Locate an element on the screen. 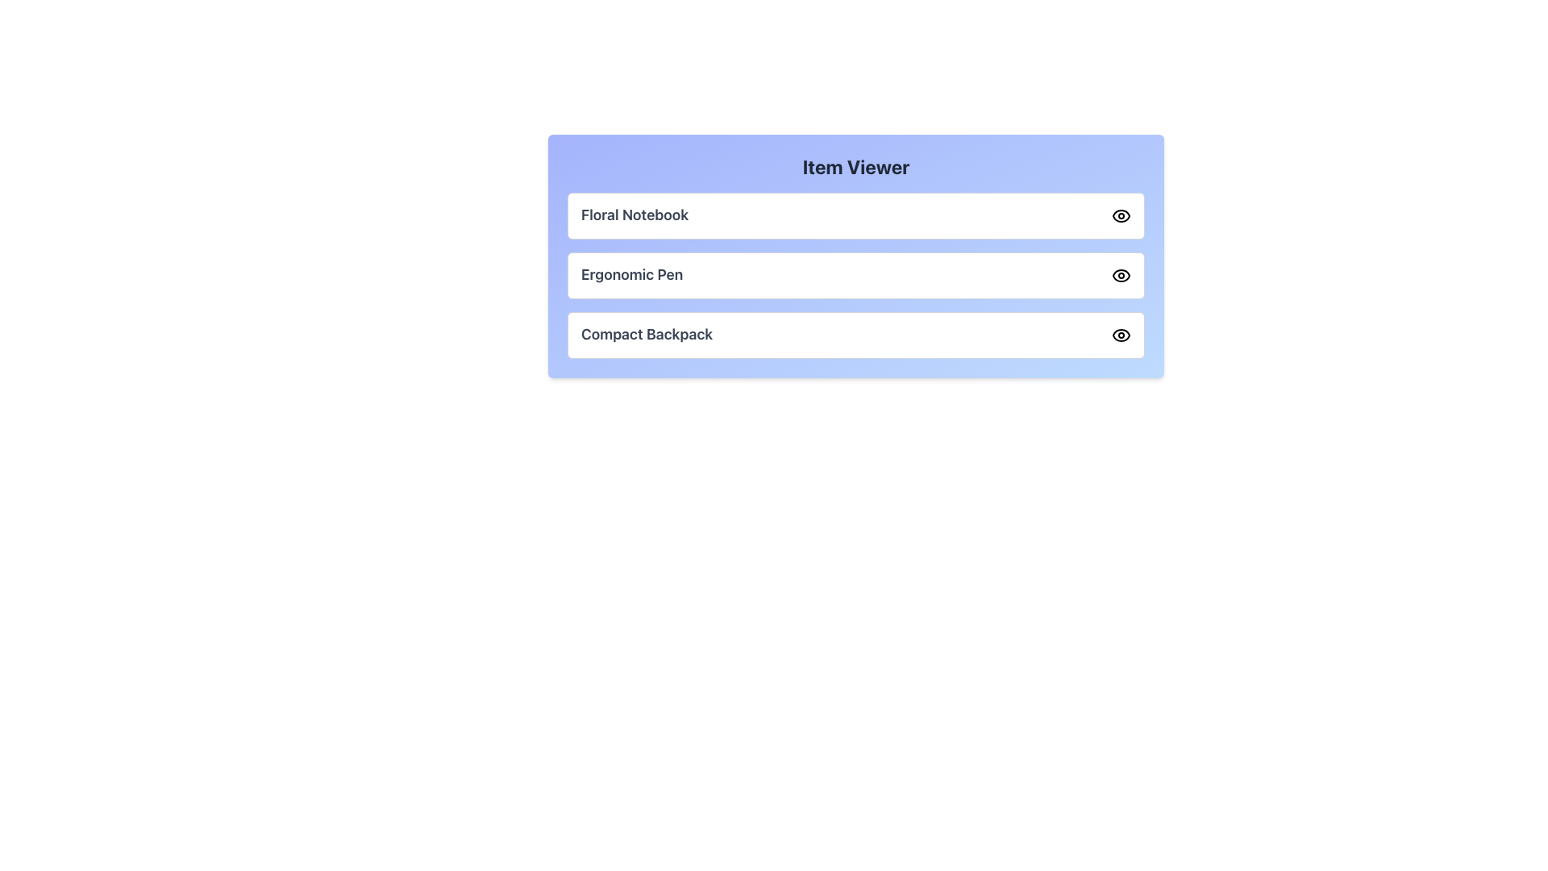  the 'Floral Notebook' list item is located at coordinates (855, 215).